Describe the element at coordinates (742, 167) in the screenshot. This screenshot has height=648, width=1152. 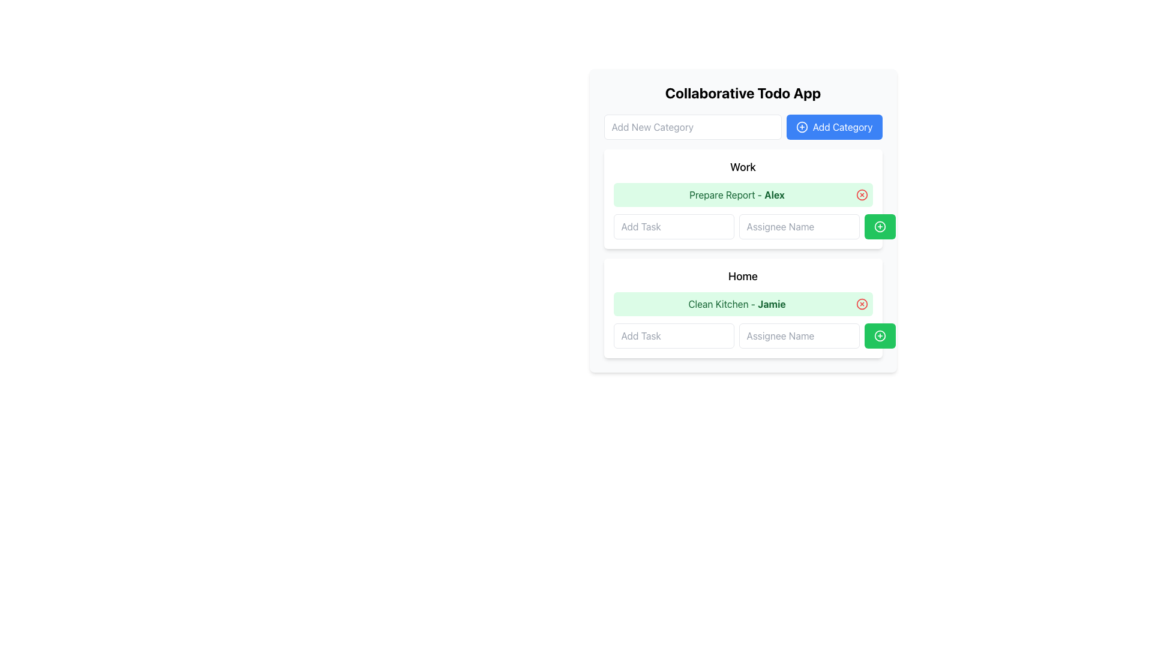
I see `the 'Work' text label, which is prominently displayed in a bold medium-large font within a card-like region, positioned above the 'Prepare Report - Alex' description` at that location.